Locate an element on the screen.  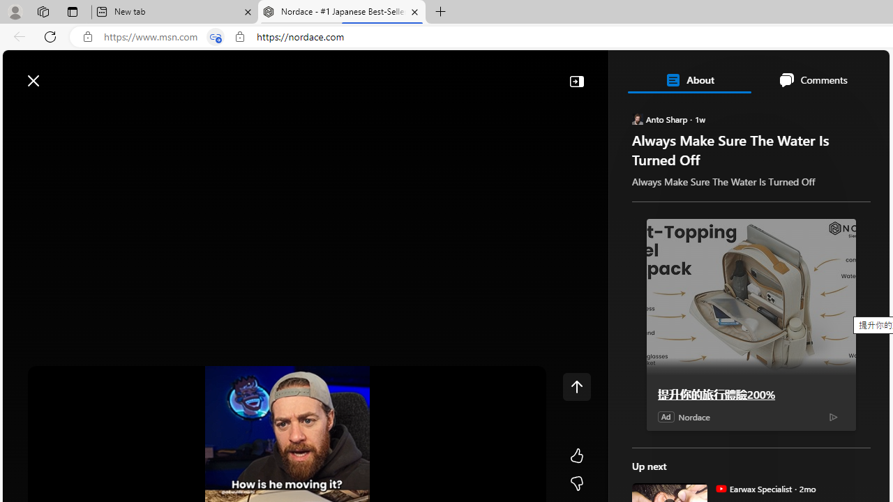
'Earwax Specialist Earwax Specialist' is located at coordinates (753, 487).